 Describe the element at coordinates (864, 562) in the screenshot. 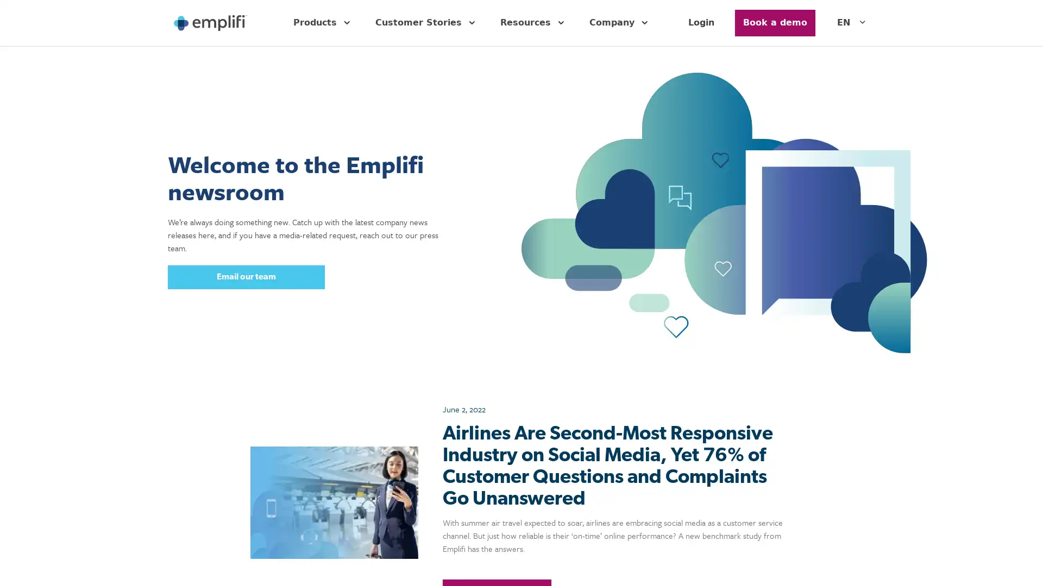

I see `Accept Cookies` at that location.